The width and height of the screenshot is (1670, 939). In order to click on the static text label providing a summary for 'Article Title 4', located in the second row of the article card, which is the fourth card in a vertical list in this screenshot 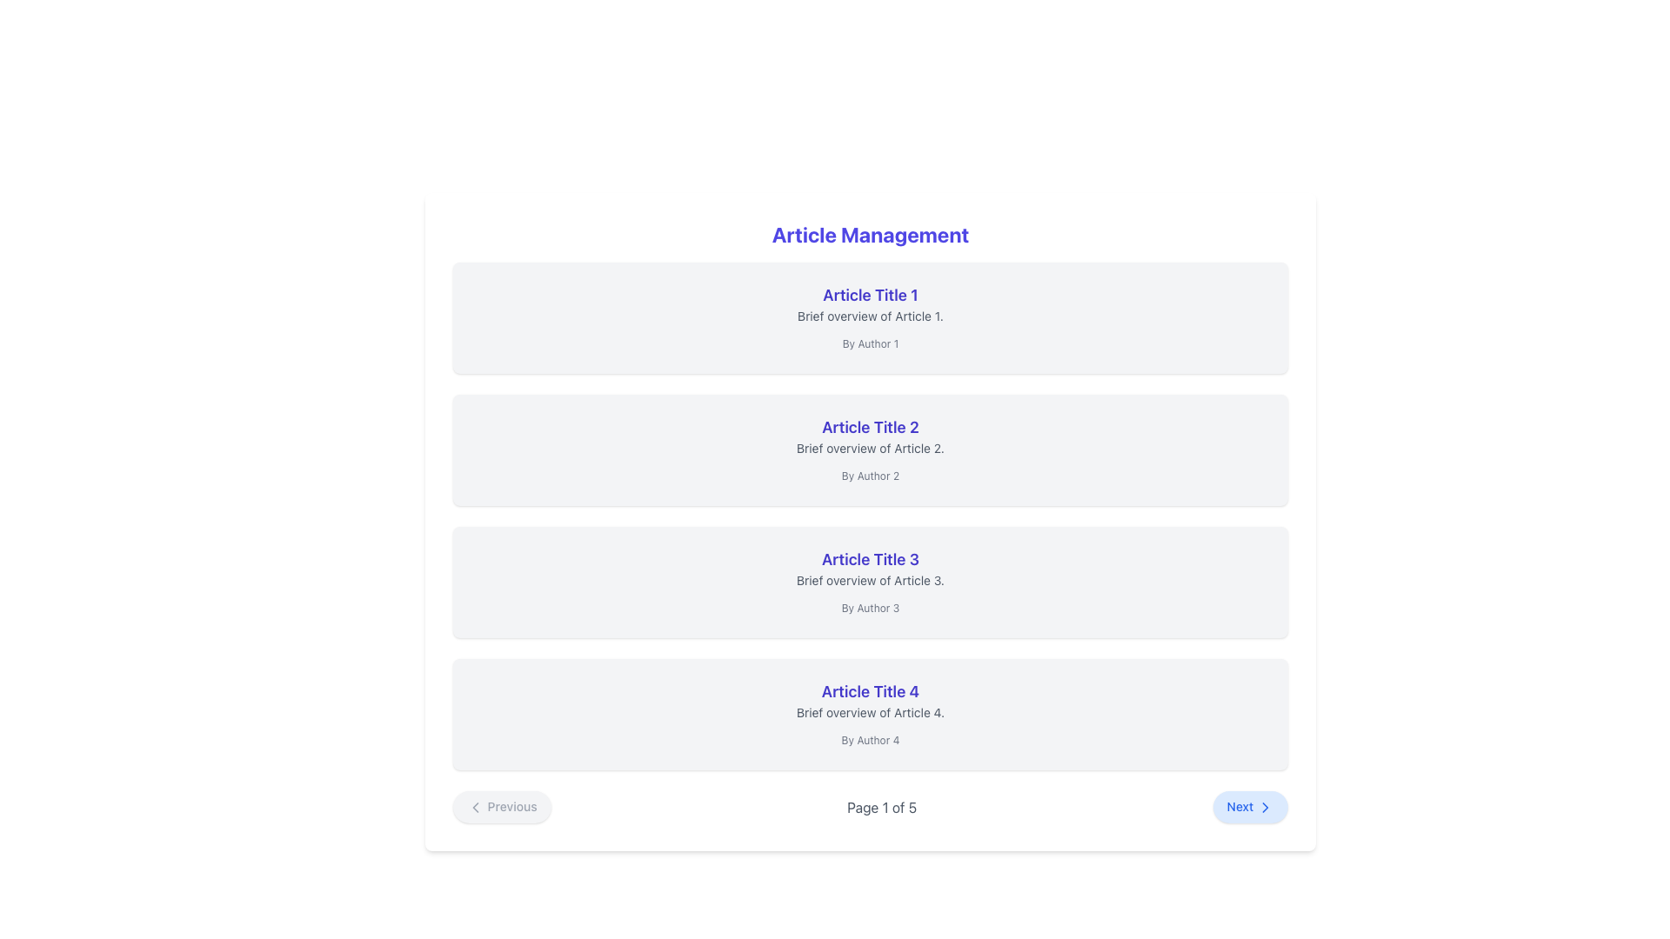, I will do `click(871, 713)`.